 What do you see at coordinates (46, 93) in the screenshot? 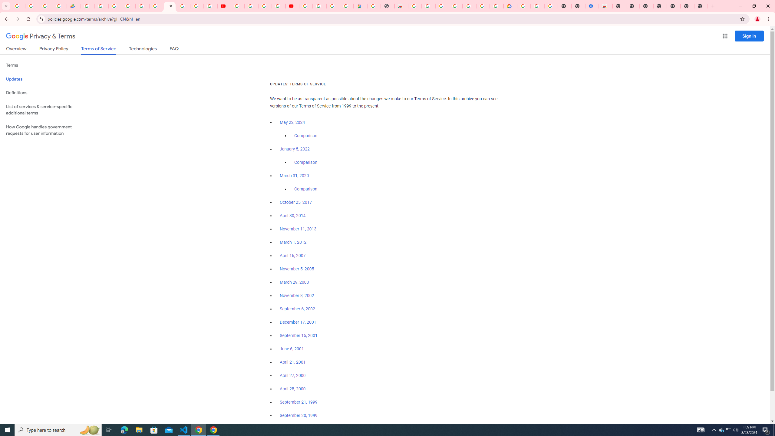
I see `'Definitions'` at bounding box center [46, 93].